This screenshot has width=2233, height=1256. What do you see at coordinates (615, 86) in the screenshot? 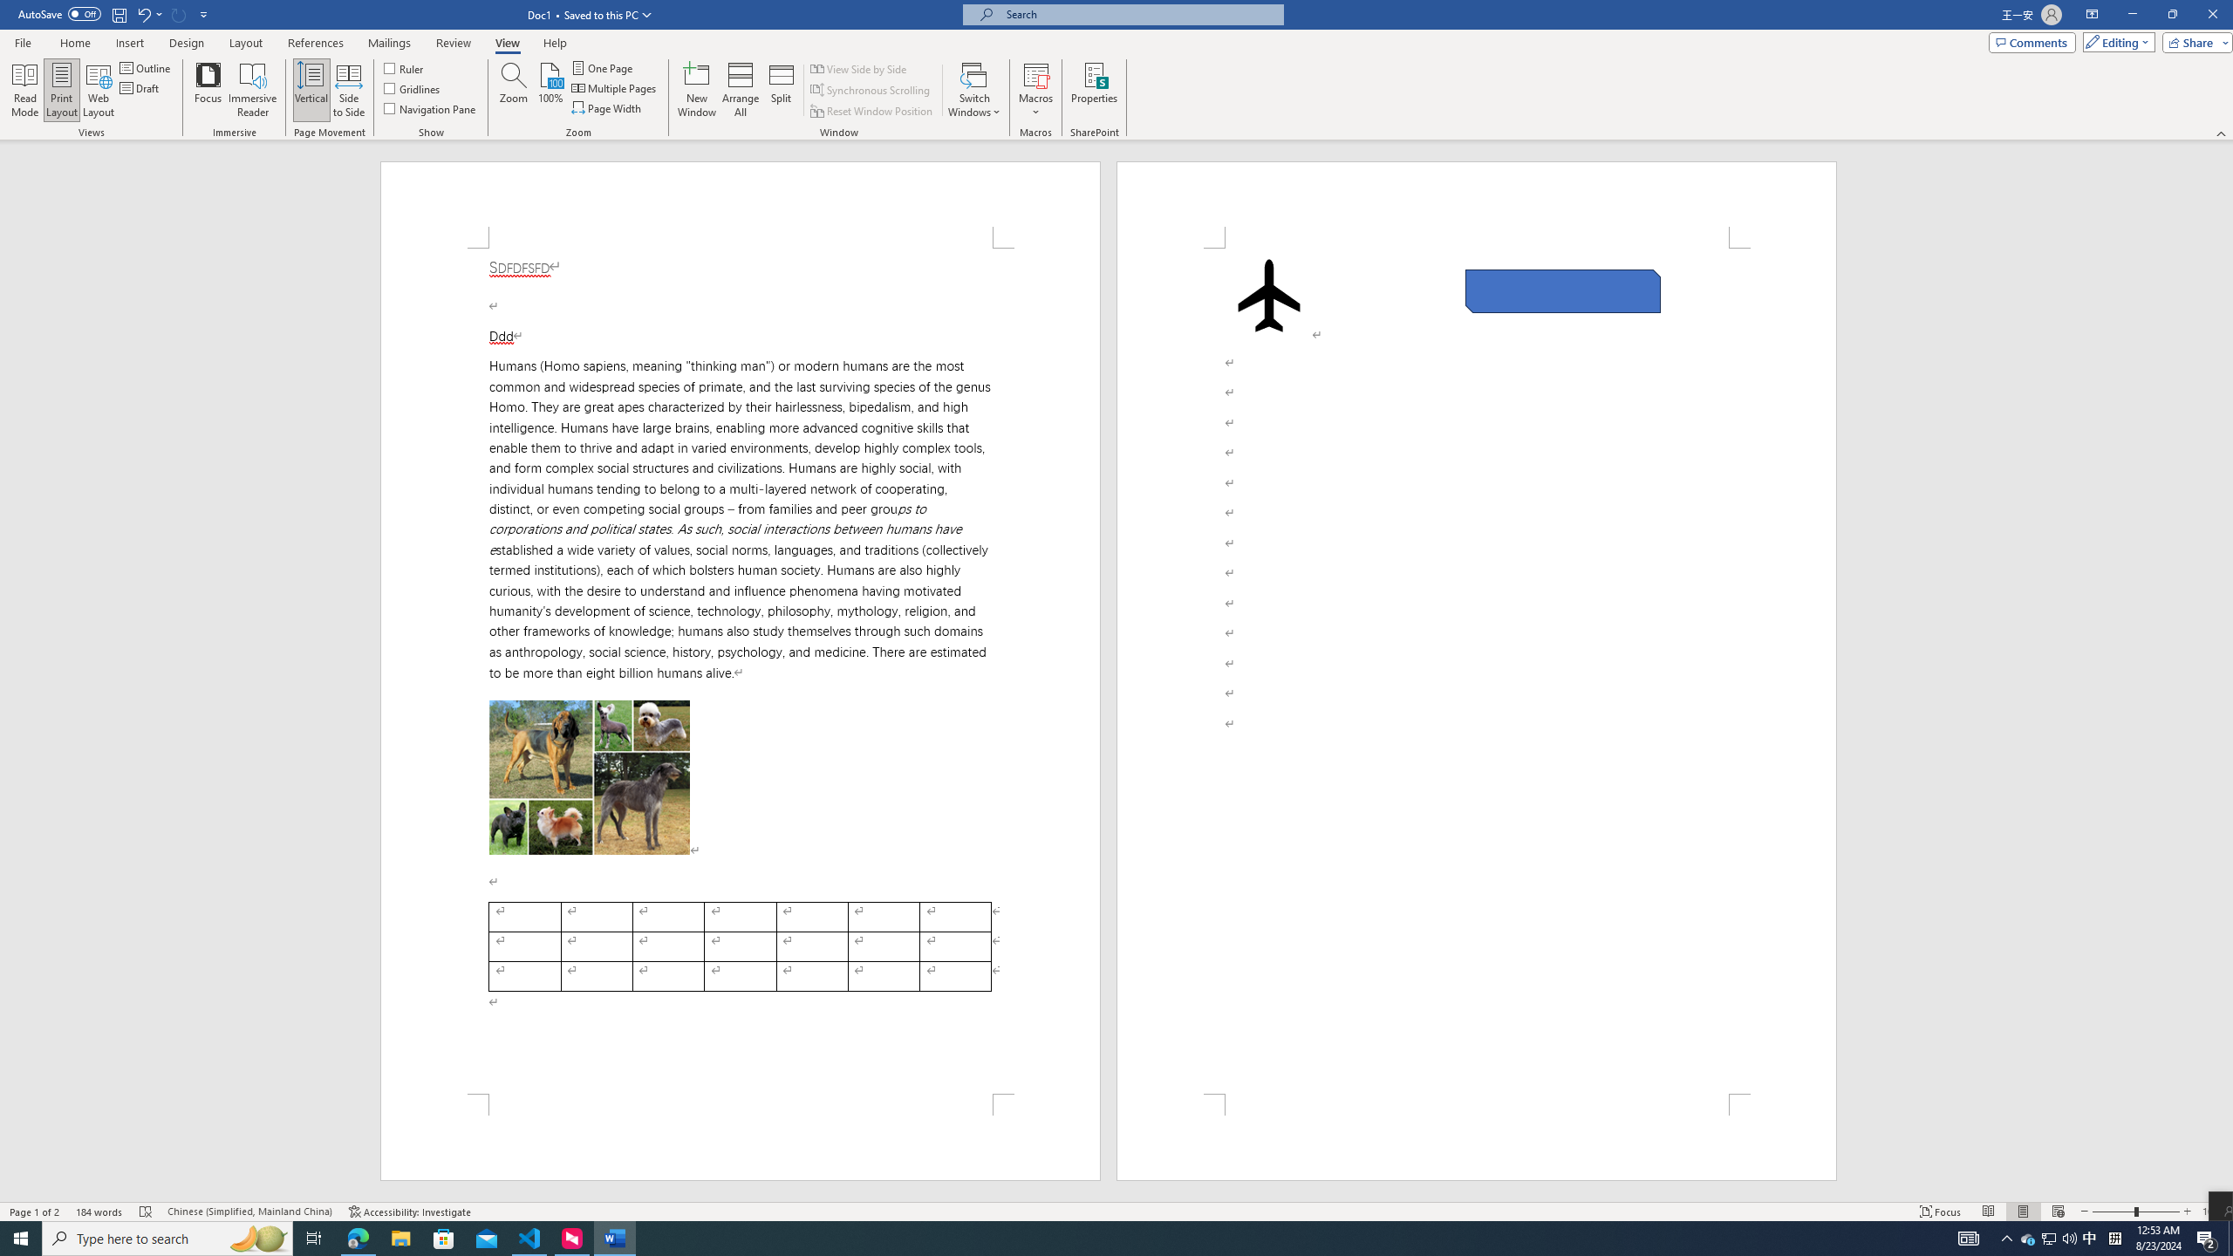
I see `'Multiple Pages'` at bounding box center [615, 86].